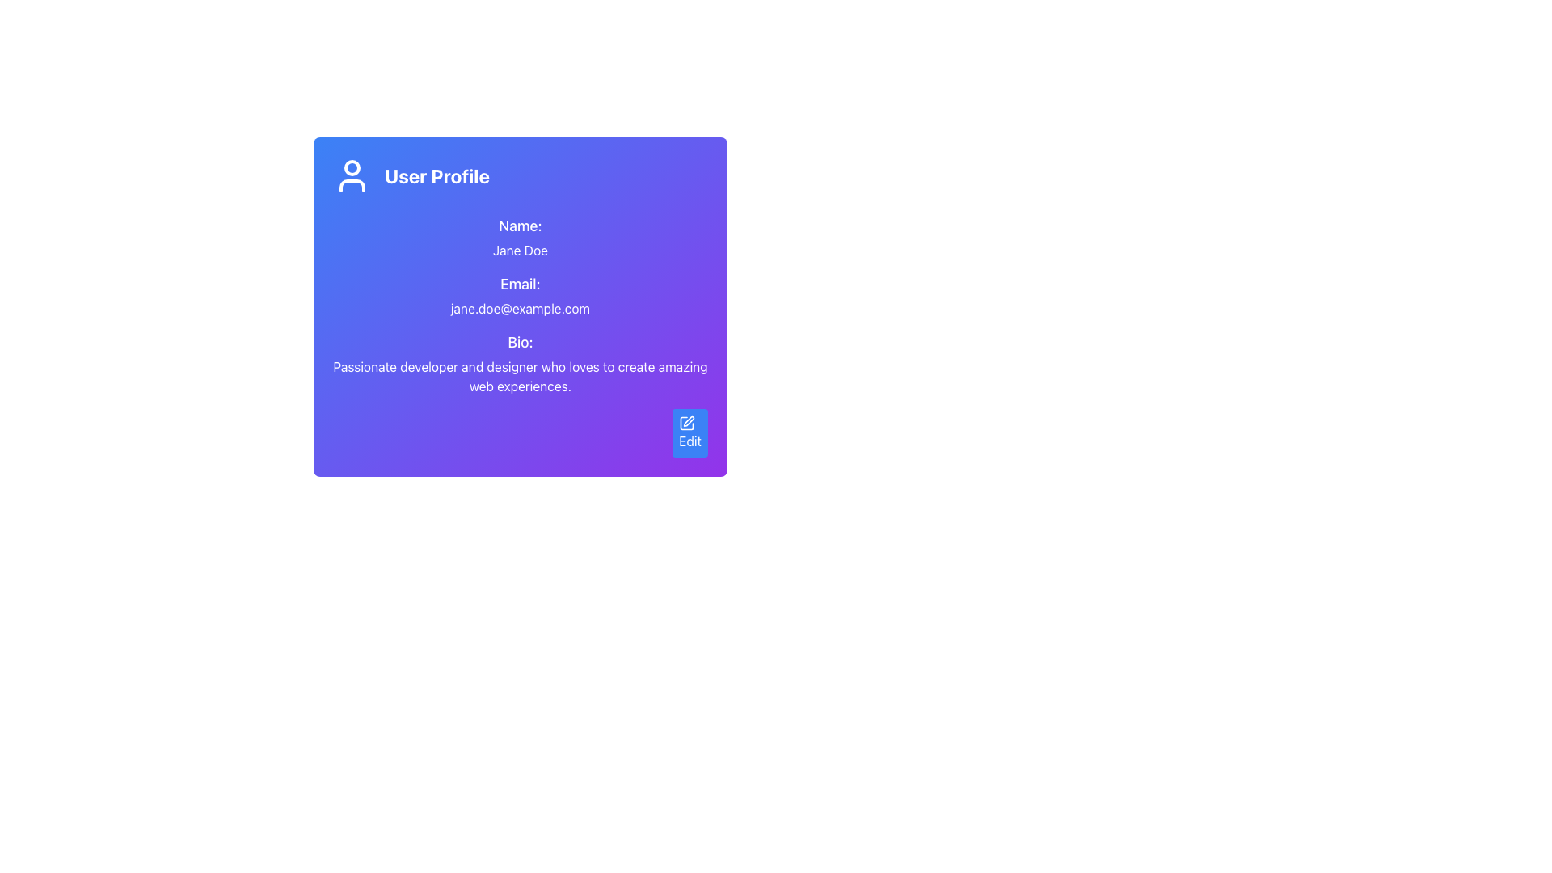  What do you see at coordinates (687, 423) in the screenshot?
I see `the small square icon with a pen overlay located to the left of the 'Edit' text inside the button at the bottom-right corner of the user profile card` at bounding box center [687, 423].